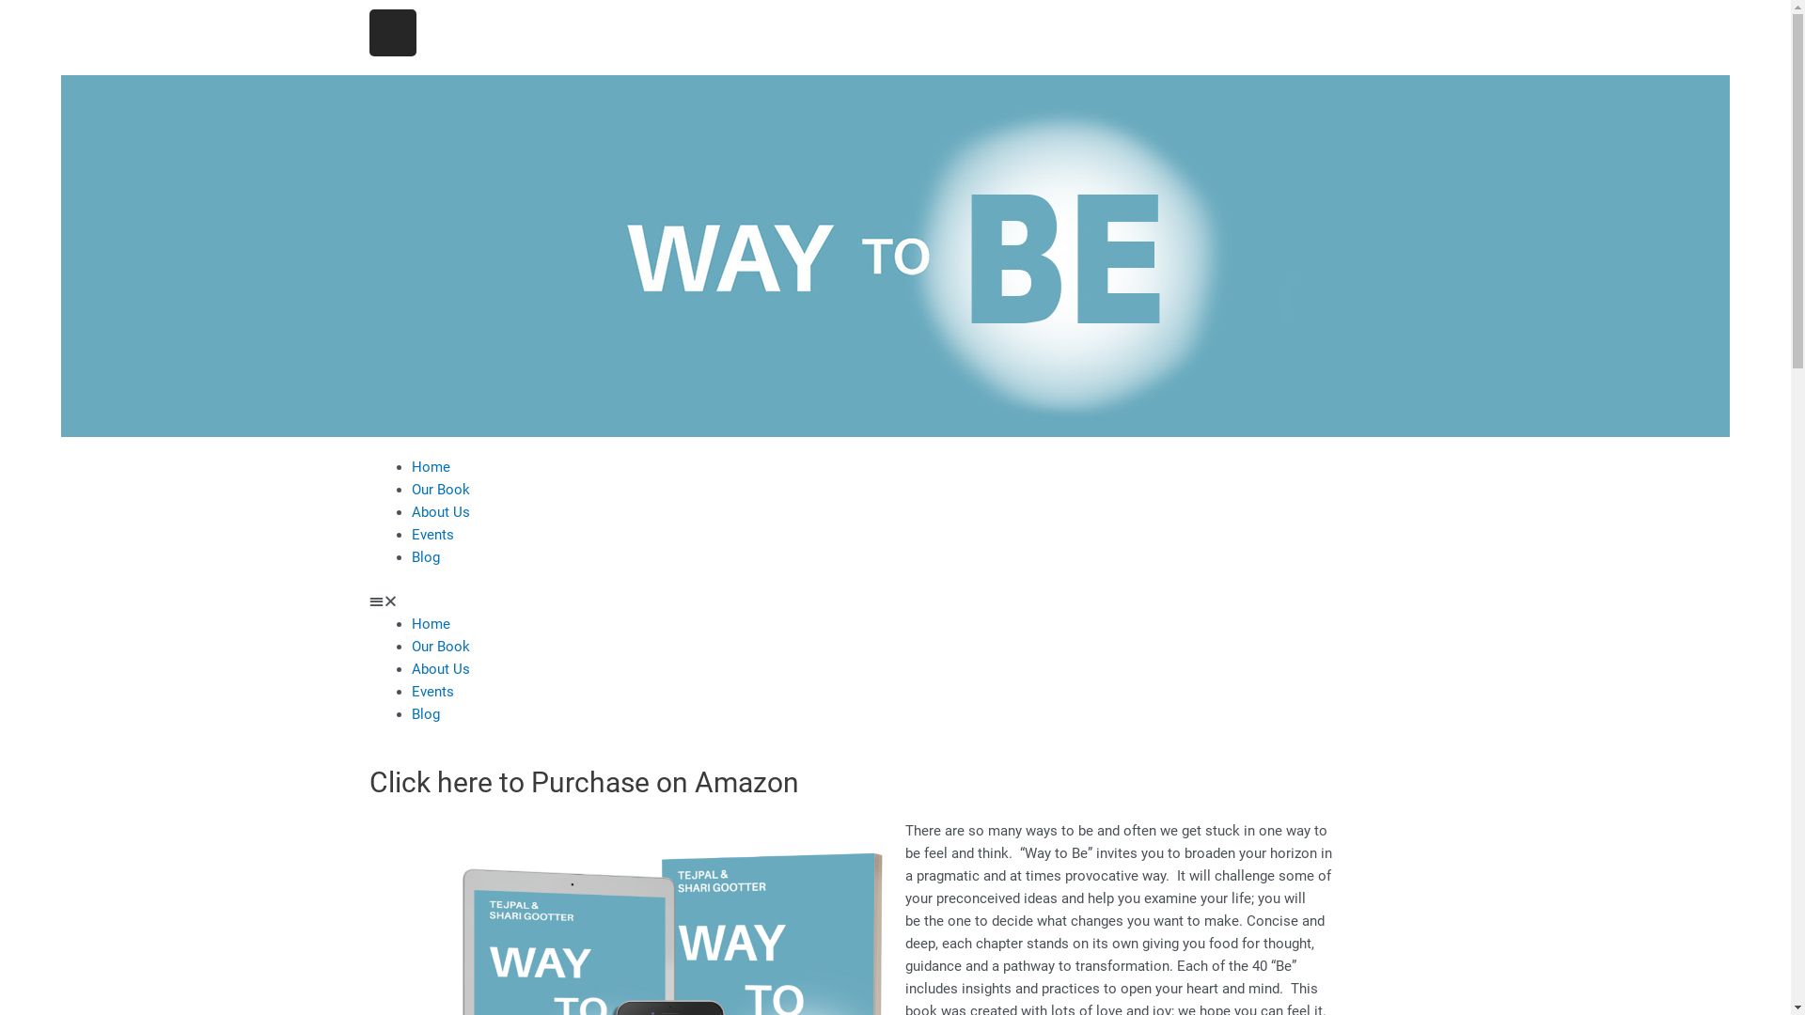  What do you see at coordinates (440, 666) in the screenshot?
I see `'About Us'` at bounding box center [440, 666].